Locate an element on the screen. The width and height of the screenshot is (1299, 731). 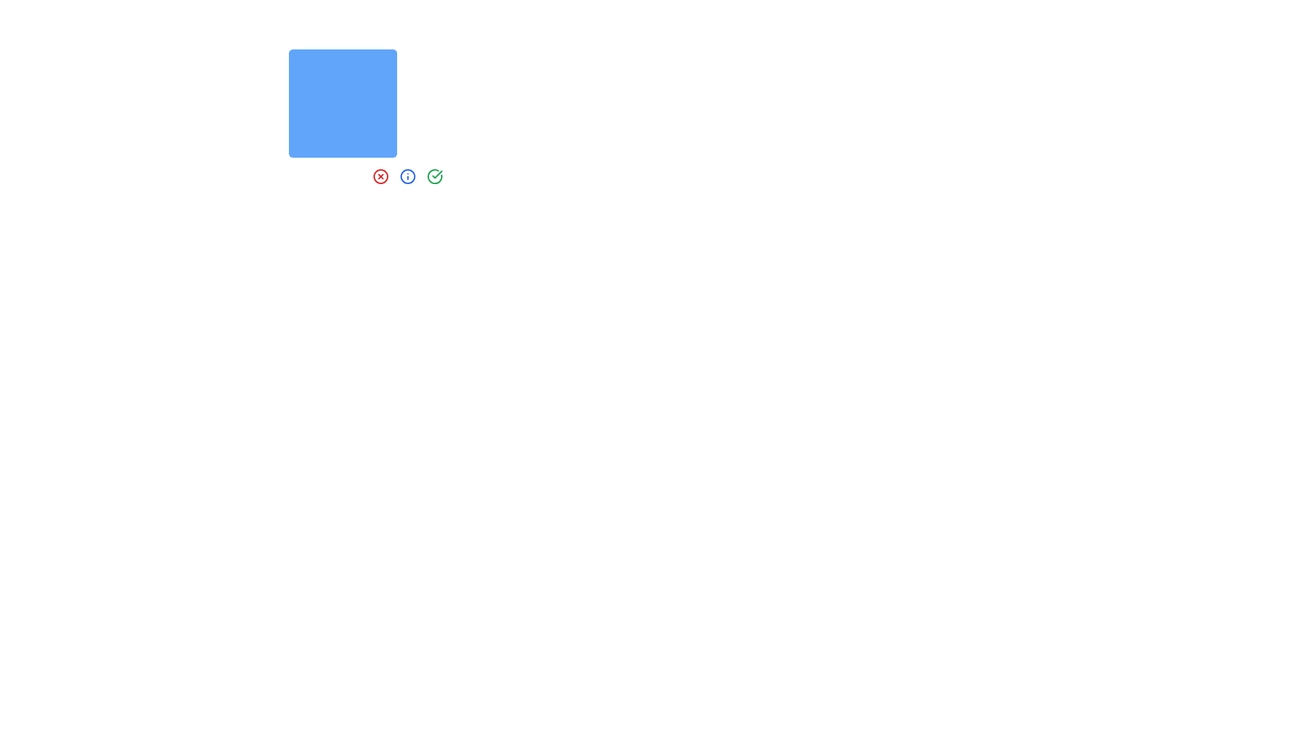
the circular SVG element with a red border and transparent fill, located in the bottom-left corner of the icon cluster is located at coordinates (380, 176).